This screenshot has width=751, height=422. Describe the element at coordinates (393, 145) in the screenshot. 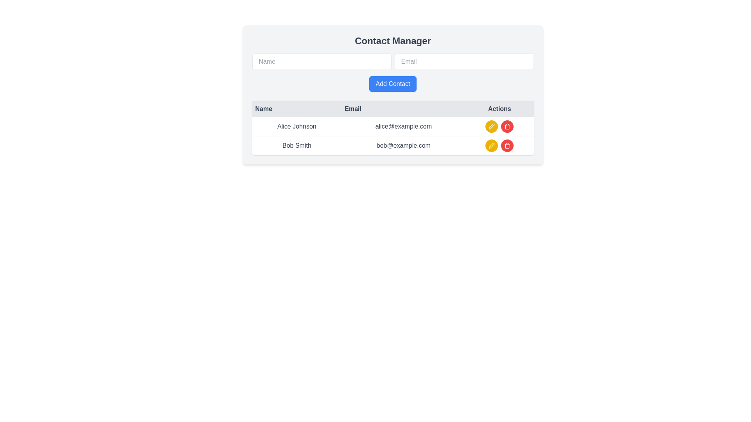

I see `the second row in the contact table displaying the name and email address, which is located below the row containing 'Alice Johnson' and 'alice@example.com'` at that location.